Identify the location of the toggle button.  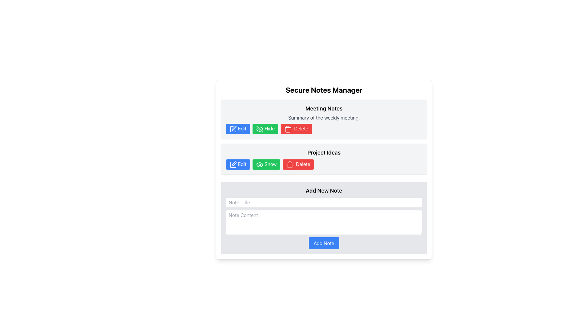
(266, 164).